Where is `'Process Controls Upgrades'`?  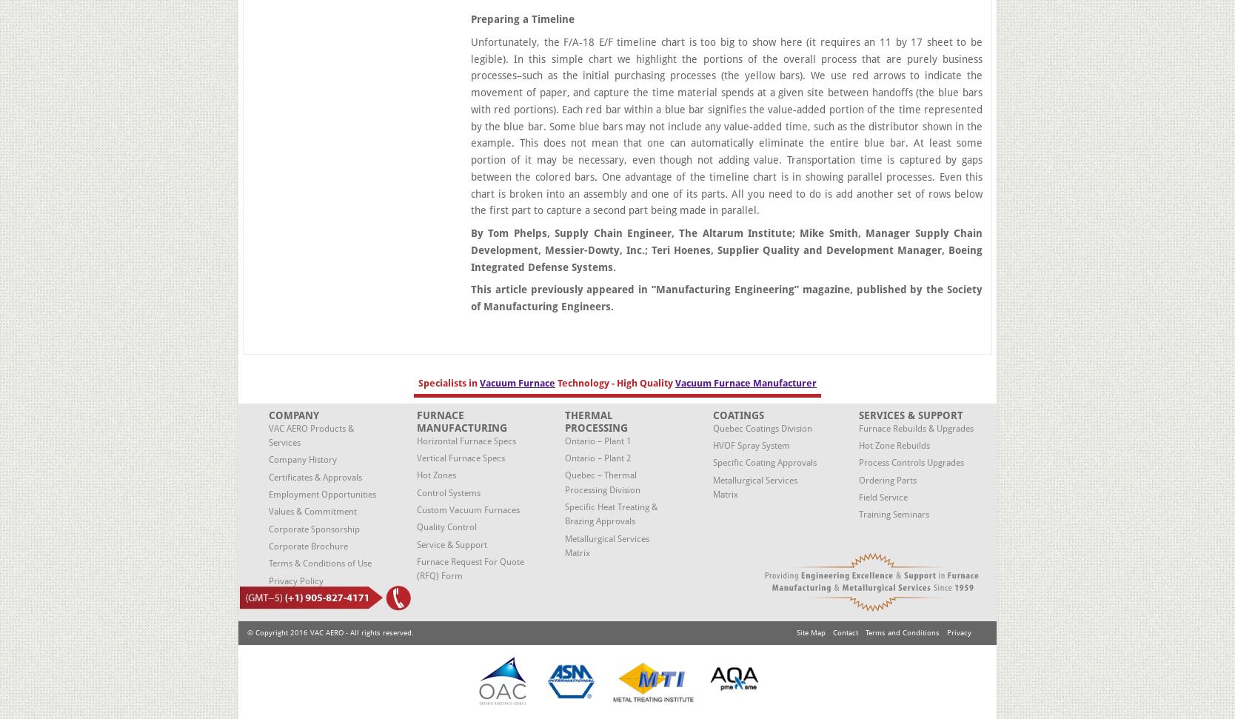 'Process Controls Upgrades' is located at coordinates (910, 462).